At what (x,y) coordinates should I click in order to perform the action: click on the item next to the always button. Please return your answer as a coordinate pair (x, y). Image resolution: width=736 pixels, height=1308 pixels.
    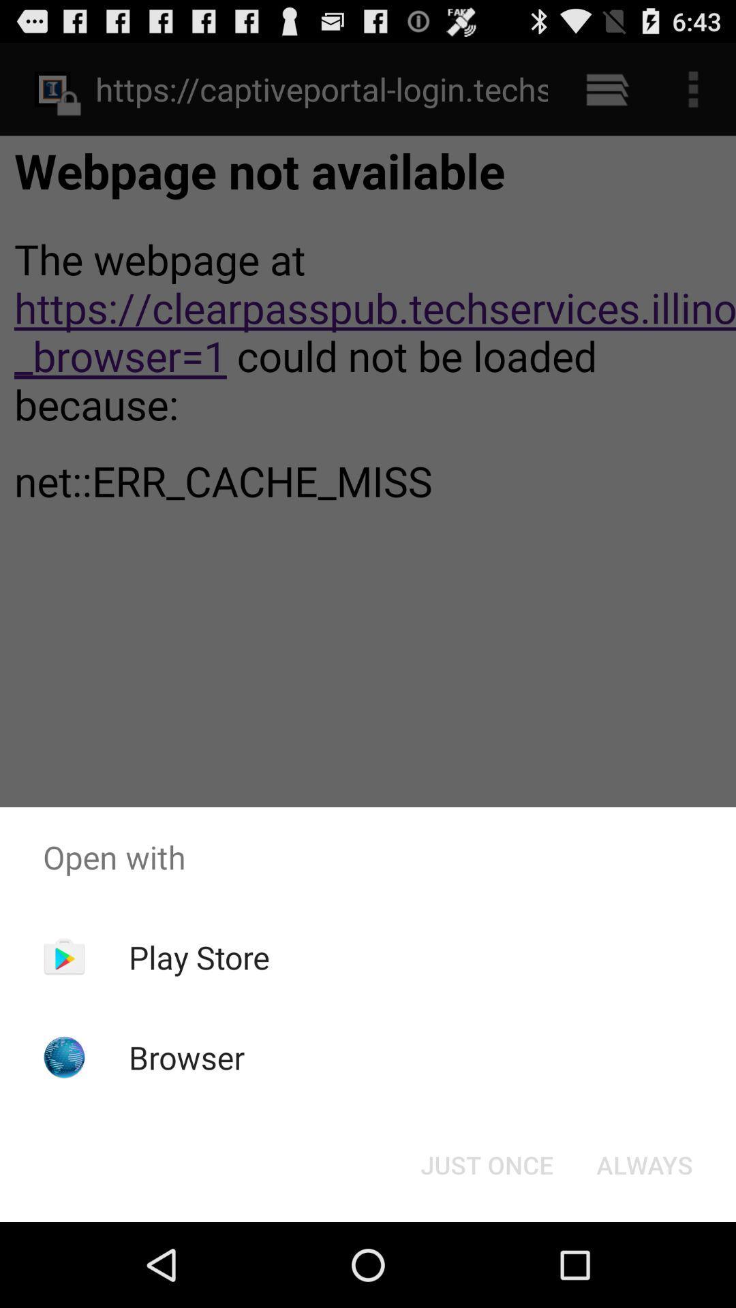
    Looking at the image, I should click on (486, 1164).